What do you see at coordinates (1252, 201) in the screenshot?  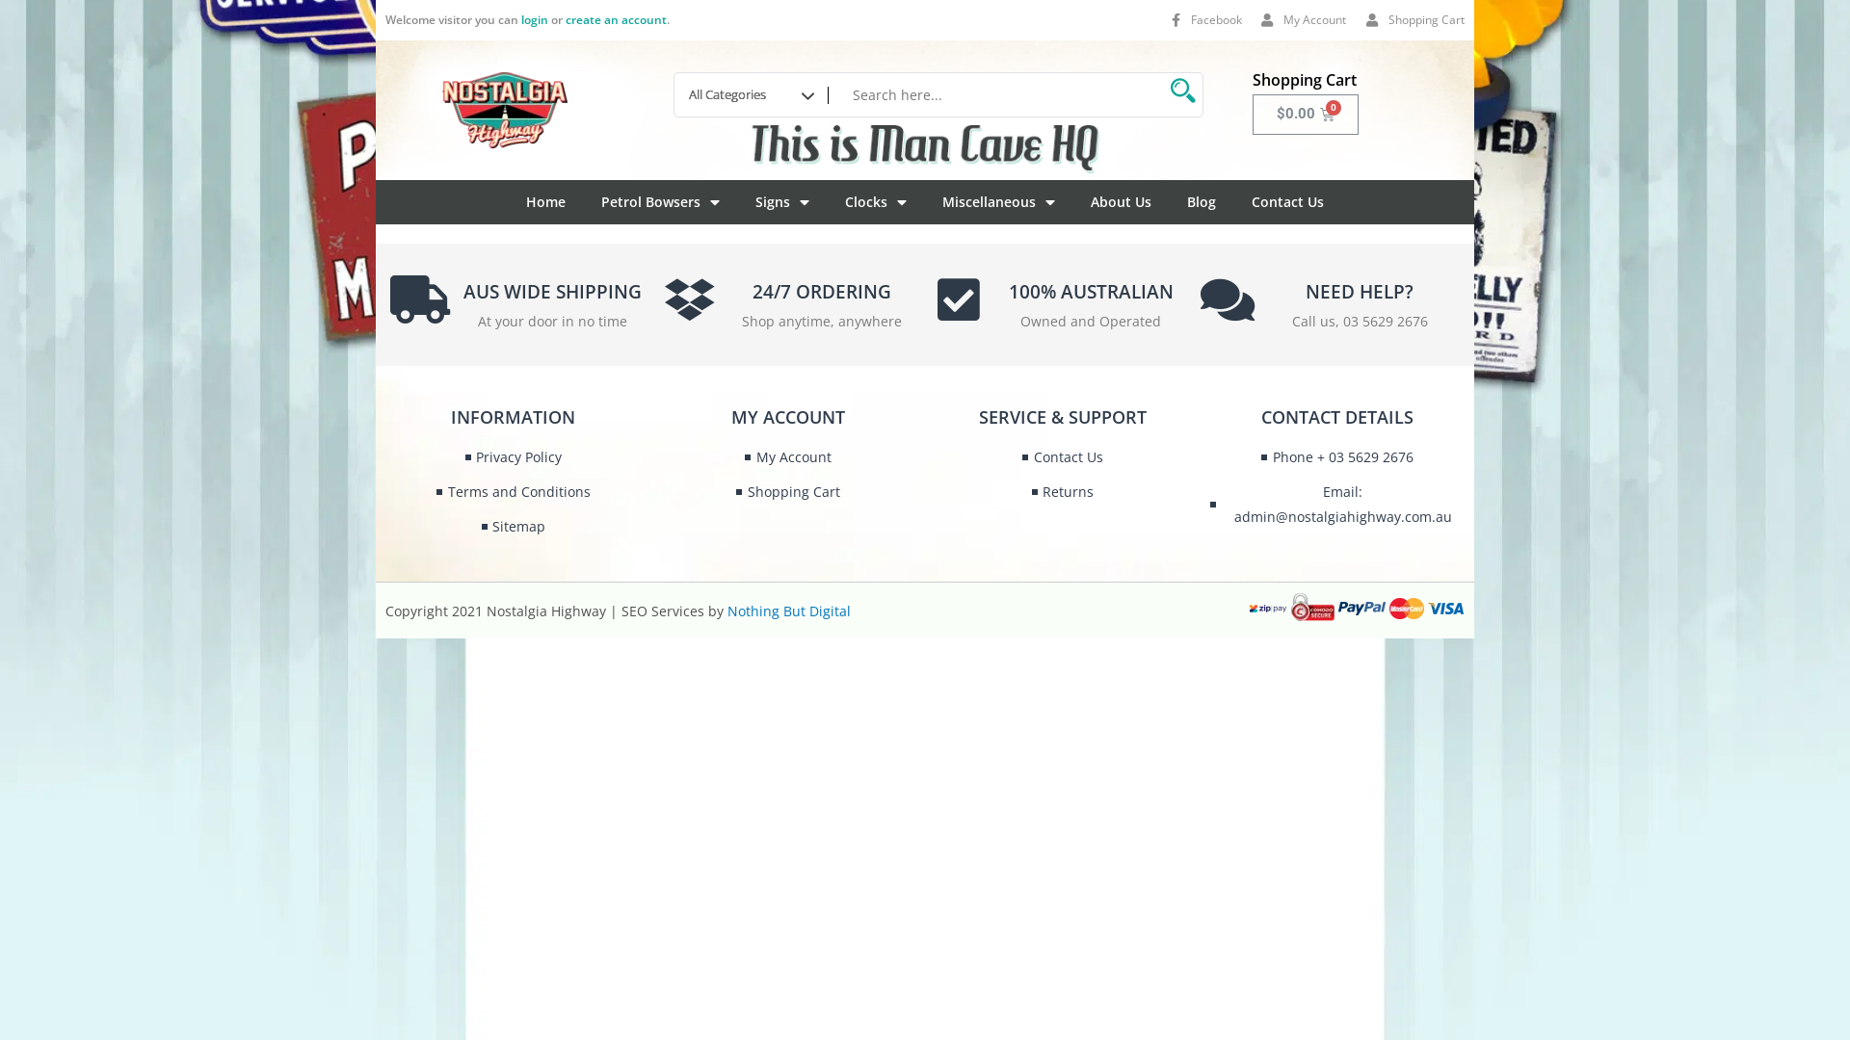 I see `'Contact Us'` at bounding box center [1252, 201].